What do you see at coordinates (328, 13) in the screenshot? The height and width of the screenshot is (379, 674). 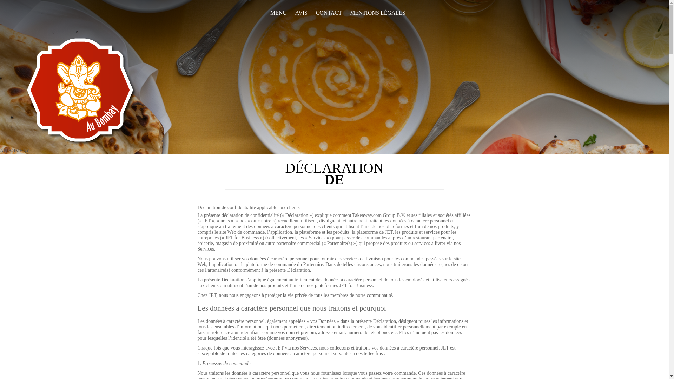 I see `'CONTACT'` at bounding box center [328, 13].